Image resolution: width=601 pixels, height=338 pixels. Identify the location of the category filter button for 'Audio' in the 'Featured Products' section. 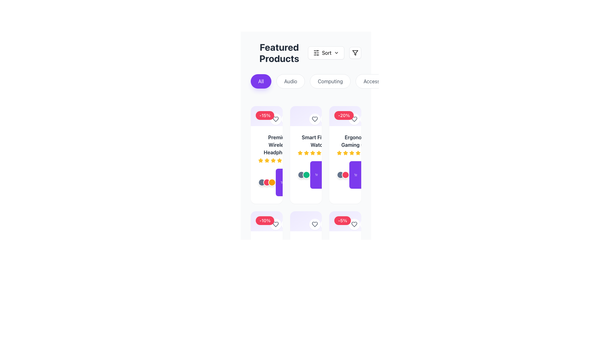
(290, 81).